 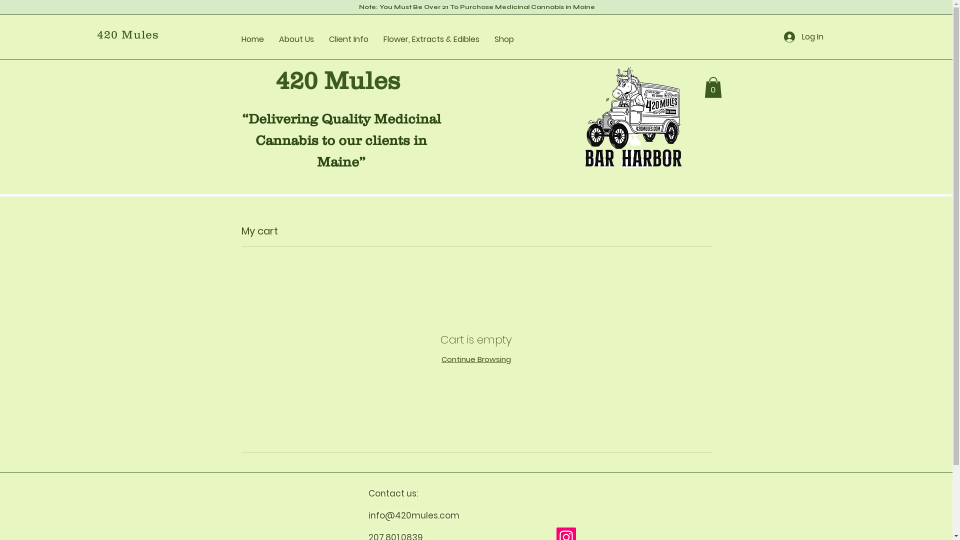 I want to click on 'Home', so click(x=252, y=38).